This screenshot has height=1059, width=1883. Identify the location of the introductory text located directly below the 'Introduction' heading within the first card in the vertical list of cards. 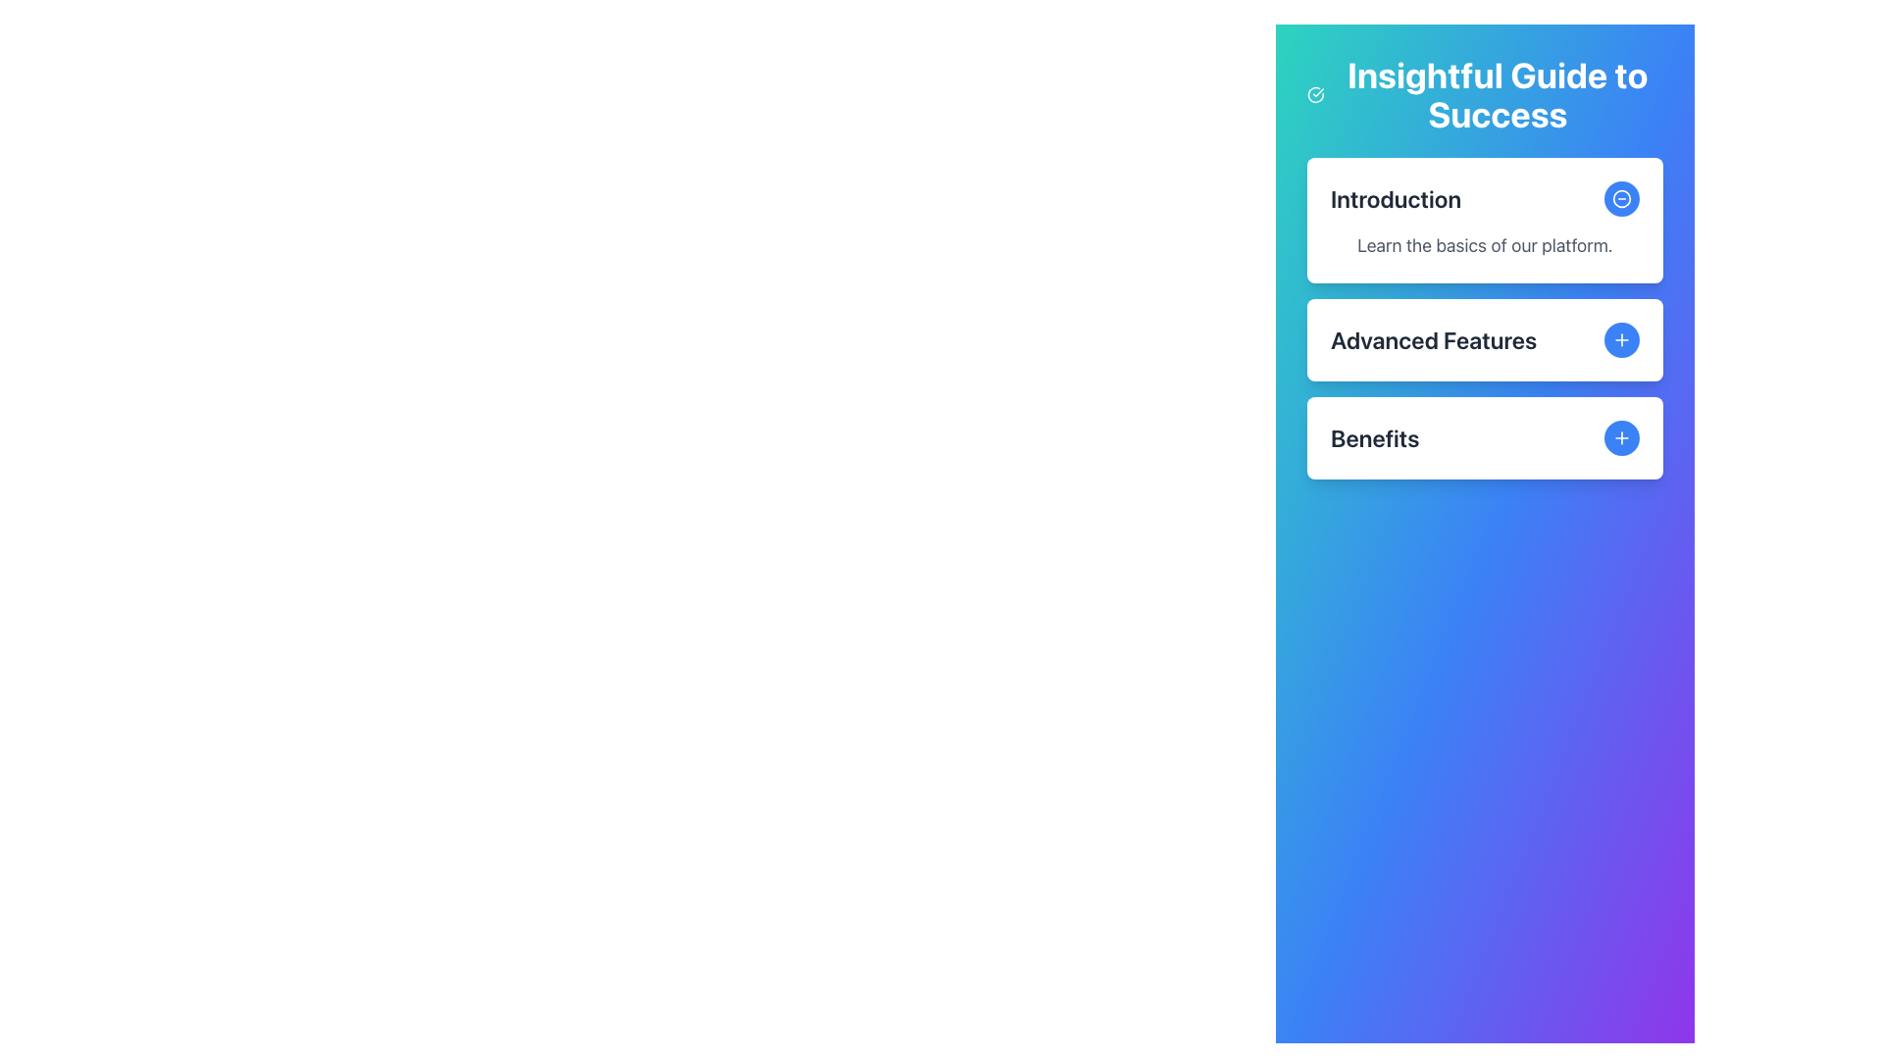
(1485, 244).